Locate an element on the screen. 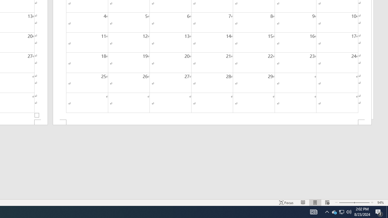 Image resolution: width=388 pixels, height=218 pixels. 'Focus ' is located at coordinates (286, 203).